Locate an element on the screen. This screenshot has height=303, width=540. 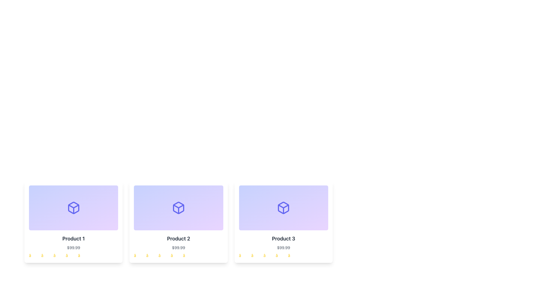
the non-interactive rating display located at the bottom of Product 1 card, which visually represents the rating score for the associated product is located at coordinates (73, 255).